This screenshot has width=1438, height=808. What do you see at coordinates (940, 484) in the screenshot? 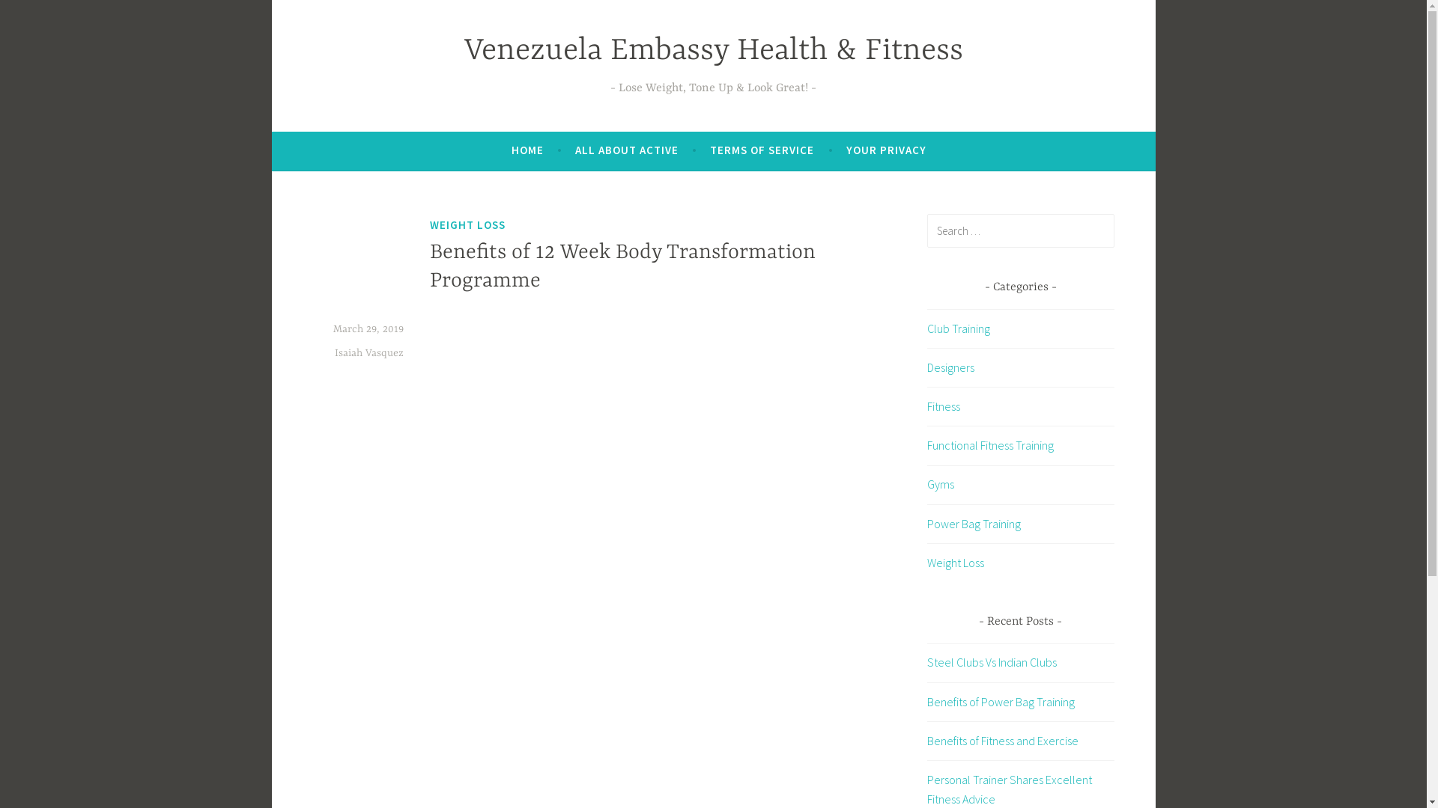
I see `'Gyms'` at bounding box center [940, 484].